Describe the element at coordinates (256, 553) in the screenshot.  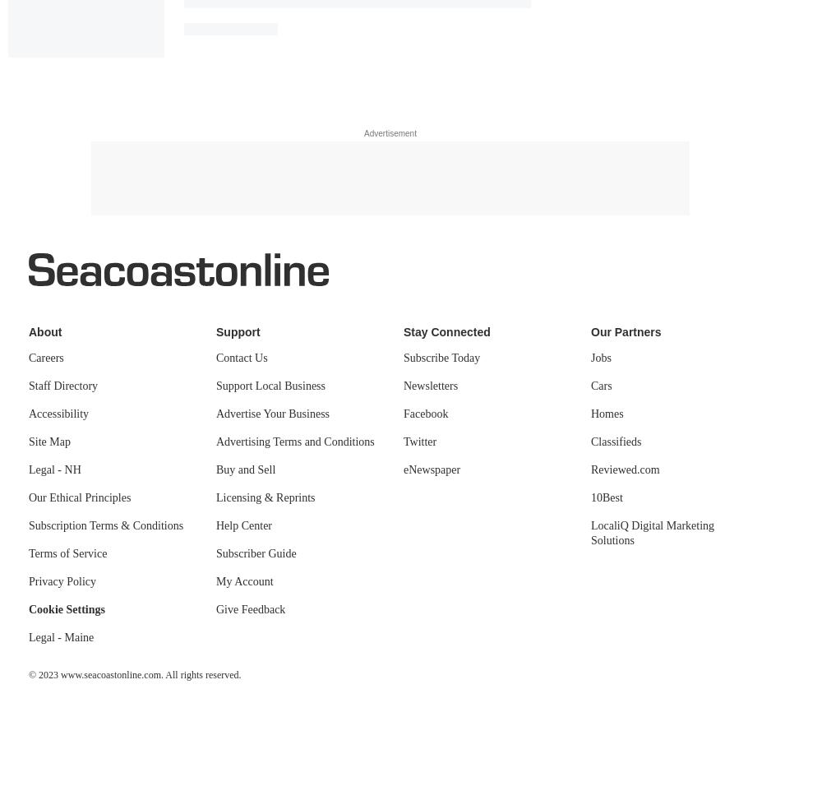
I see `'Subscriber Guide'` at that location.